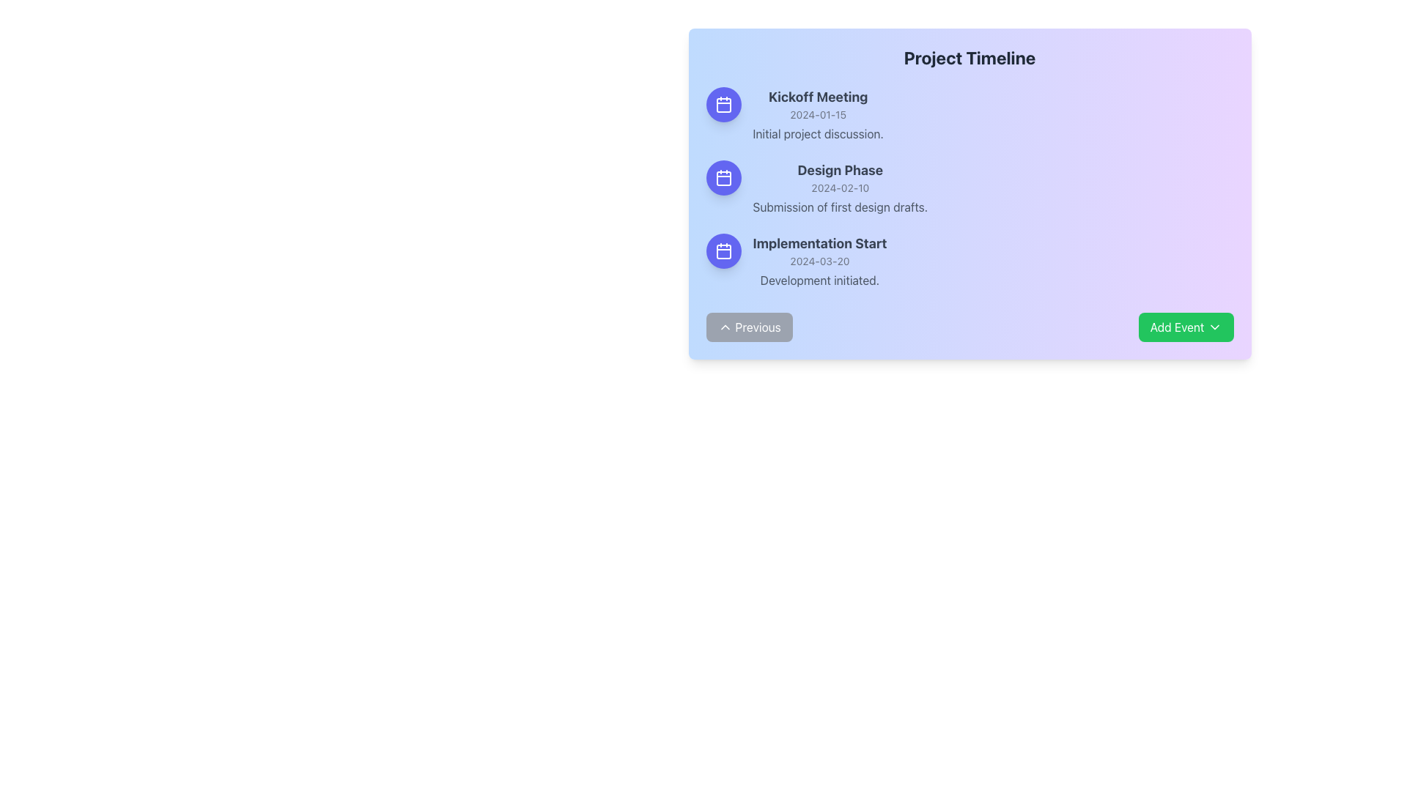 This screenshot has height=791, width=1407. What do you see at coordinates (970, 187) in the screenshot?
I see `the second timeline item` at bounding box center [970, 187].